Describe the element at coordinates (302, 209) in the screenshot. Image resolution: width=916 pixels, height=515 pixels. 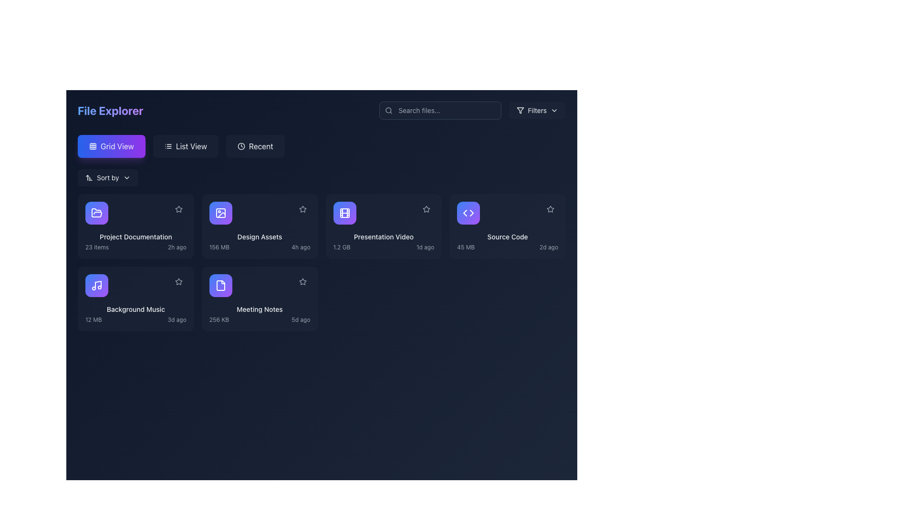
I see `the icon located in the upper-right corner of the 'Design Assets' card` at that location.